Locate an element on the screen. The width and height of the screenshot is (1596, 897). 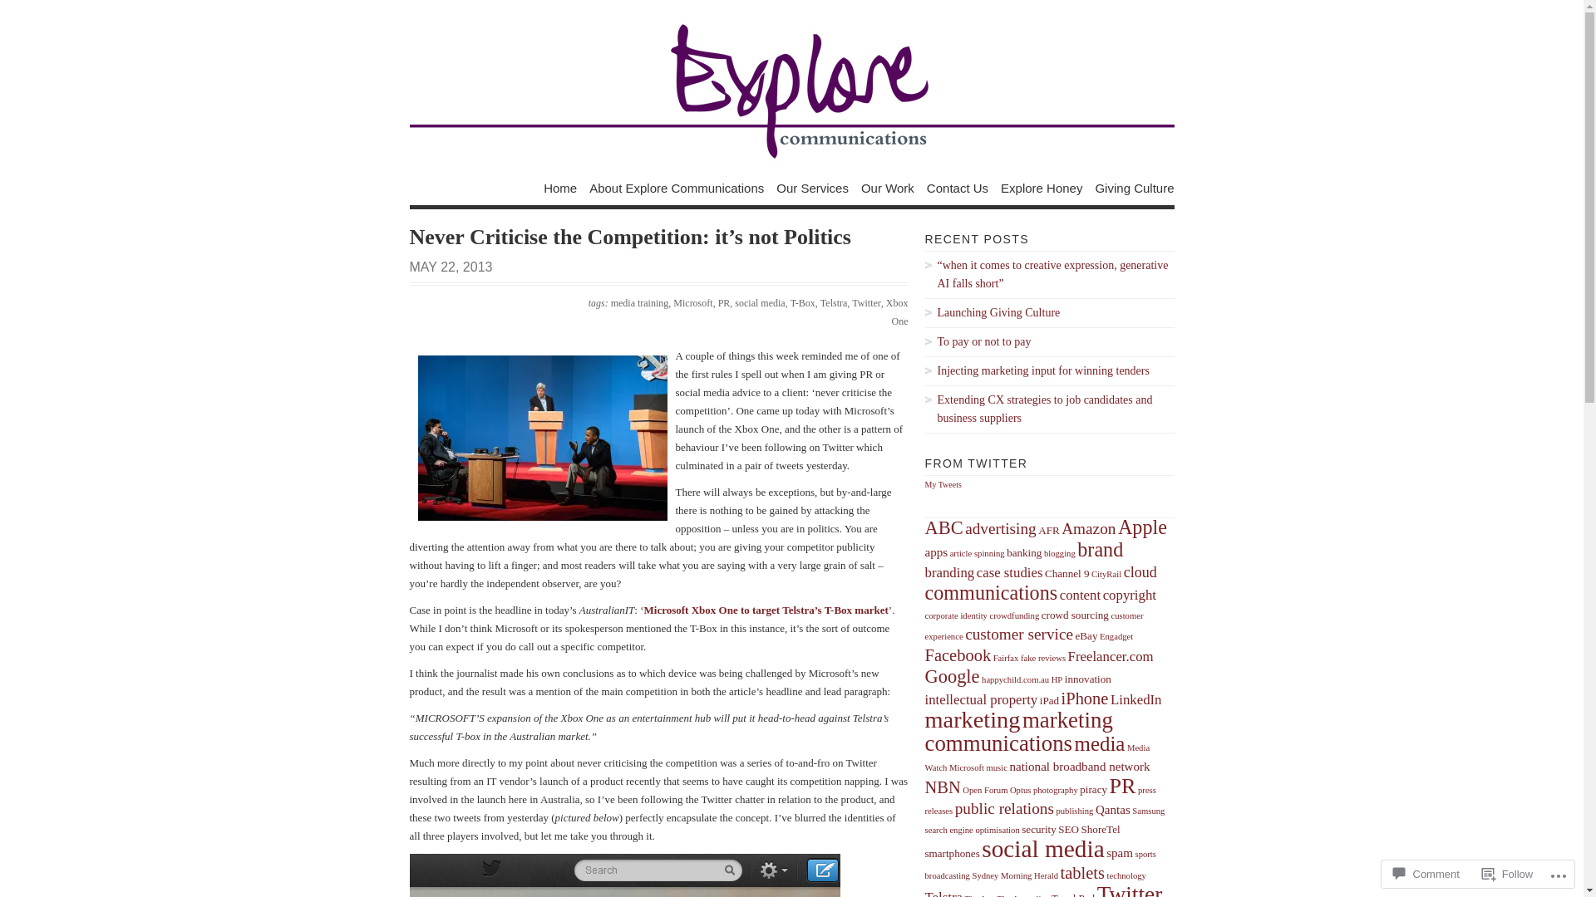
'crowdfunding' is located at coordinates (1012, 615).